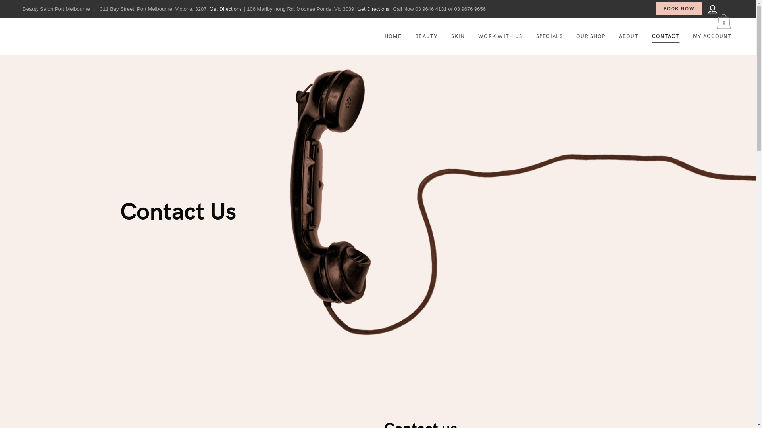  I want to click on 'CONTACT', so click(645, 36).